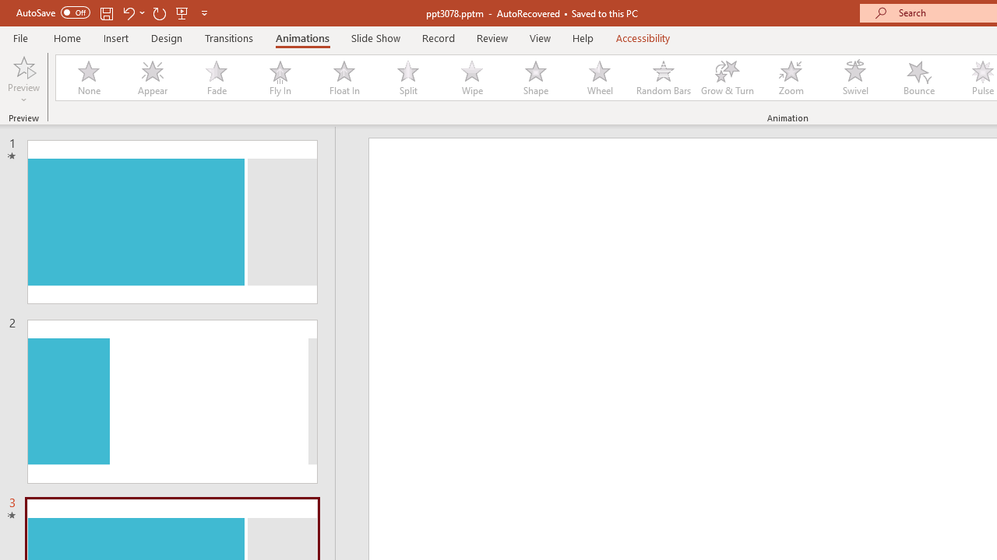  What do you see at coordinates (470, 78) in the screenshot?
I see `'Wipe'` at bounding box center [470, 78].